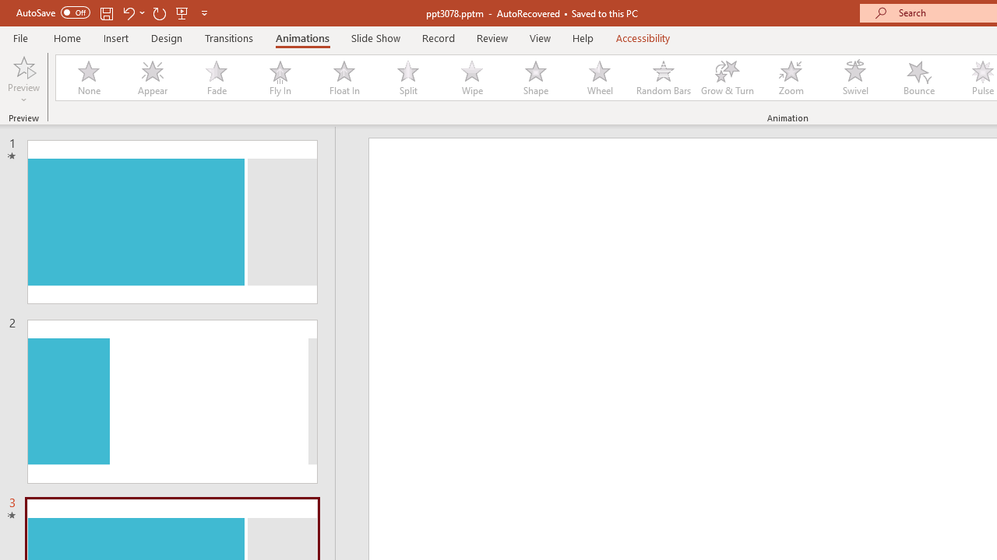  What do you see at coordinates (470, 78) in the screenshot?
I see `'Wipe'` at bounding box center [470, 78].